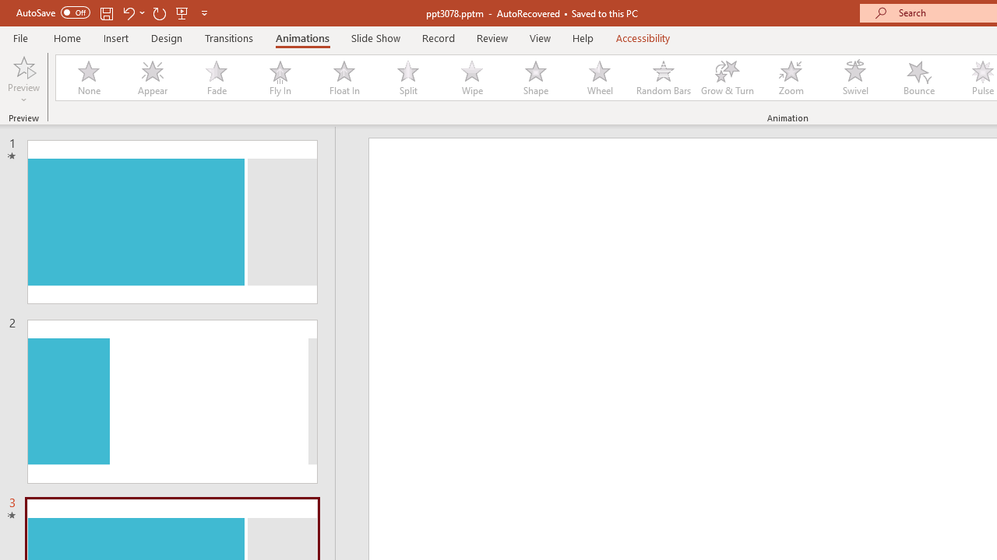  What do you see at coordinates (470, 78) in the screenshot?
I see `'Wipe'` at bounding box center [470, 78].